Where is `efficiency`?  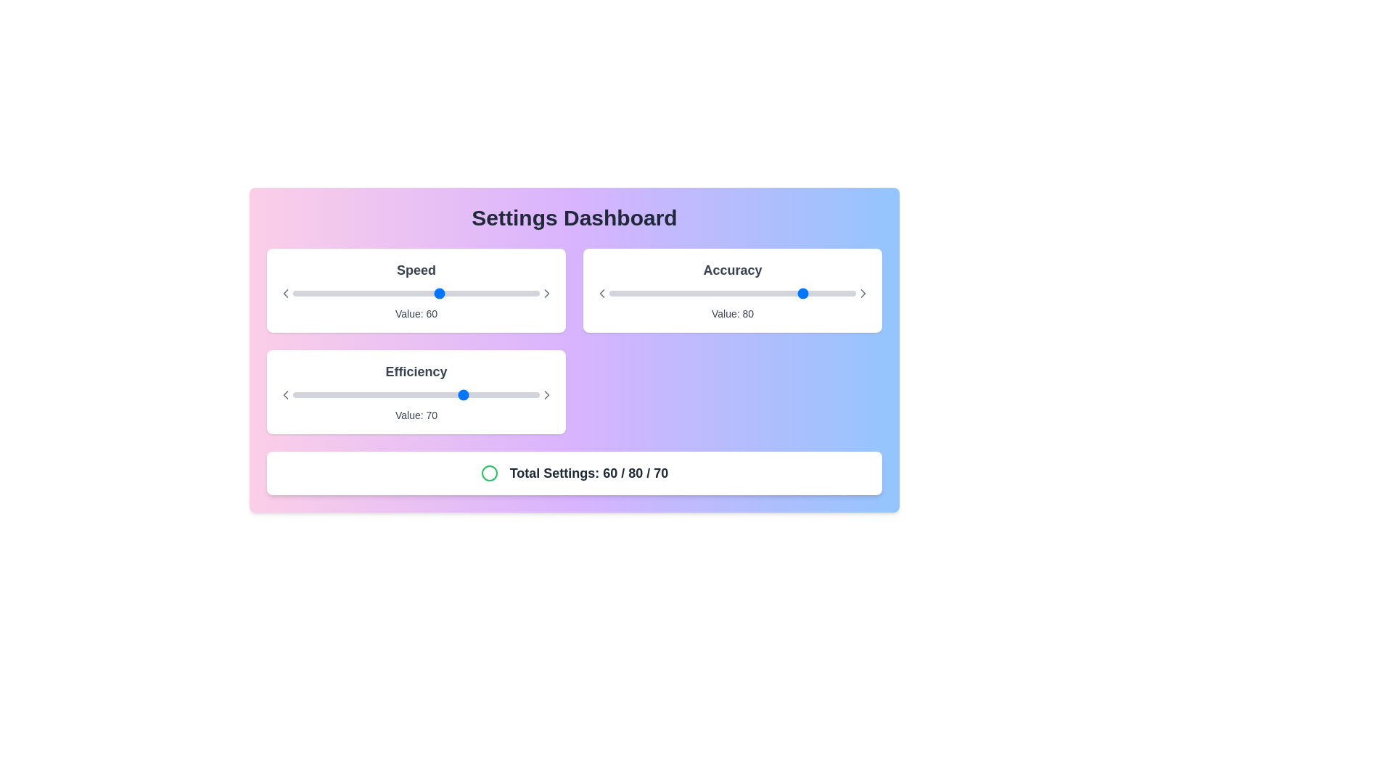 efficiency is located at coordinates (411, 394).